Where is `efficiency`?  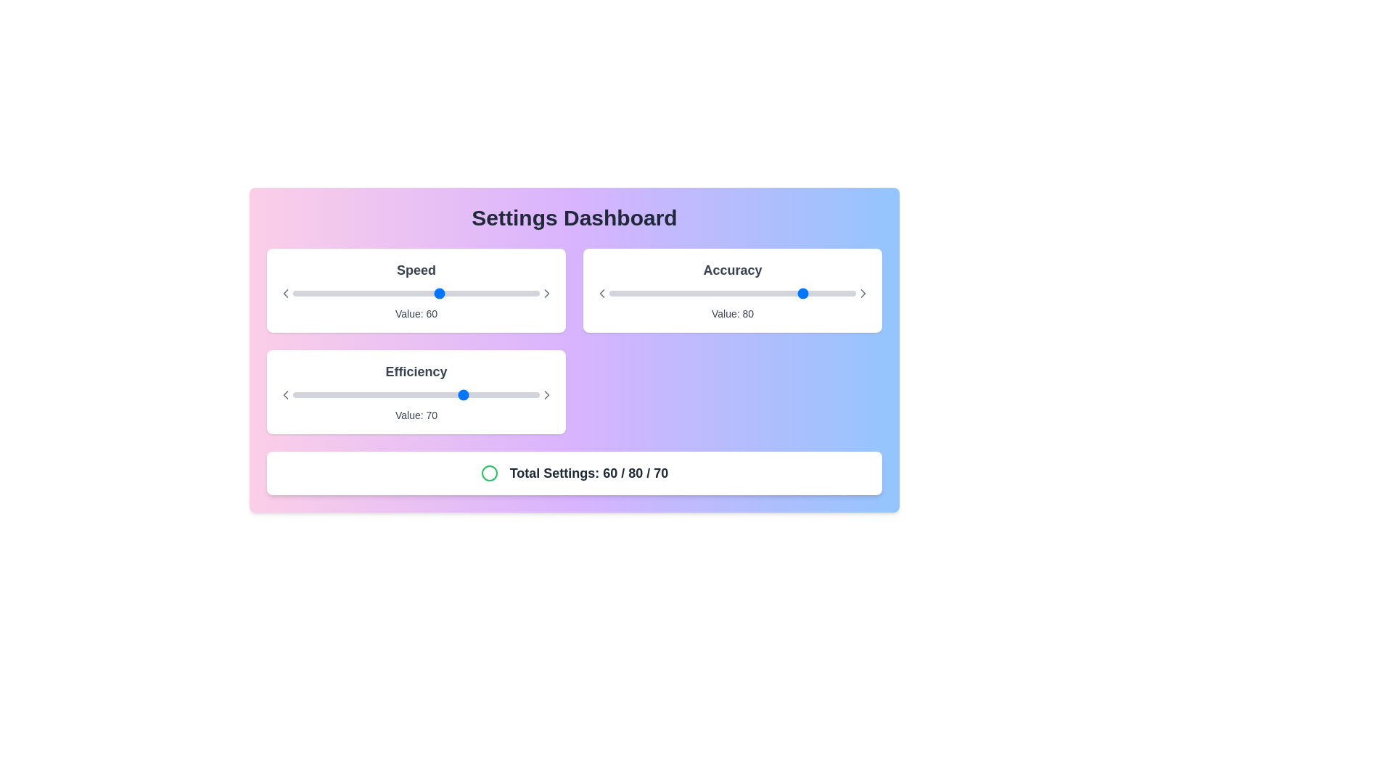 efficiency is located at coordinates (411, 394).